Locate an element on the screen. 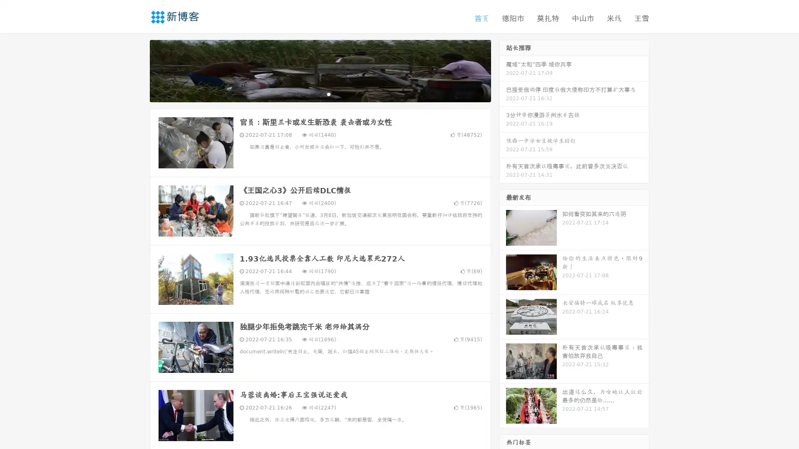 Image resolution: width=799 pixels, height=449 pixels. Go to slide 3 is located at coordinates (328, 94).